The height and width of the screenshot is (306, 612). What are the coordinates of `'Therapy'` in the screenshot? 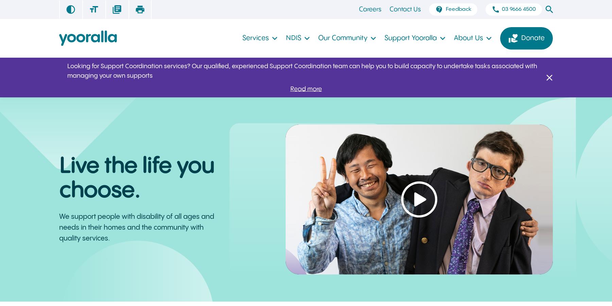 It's located at (449, 13).